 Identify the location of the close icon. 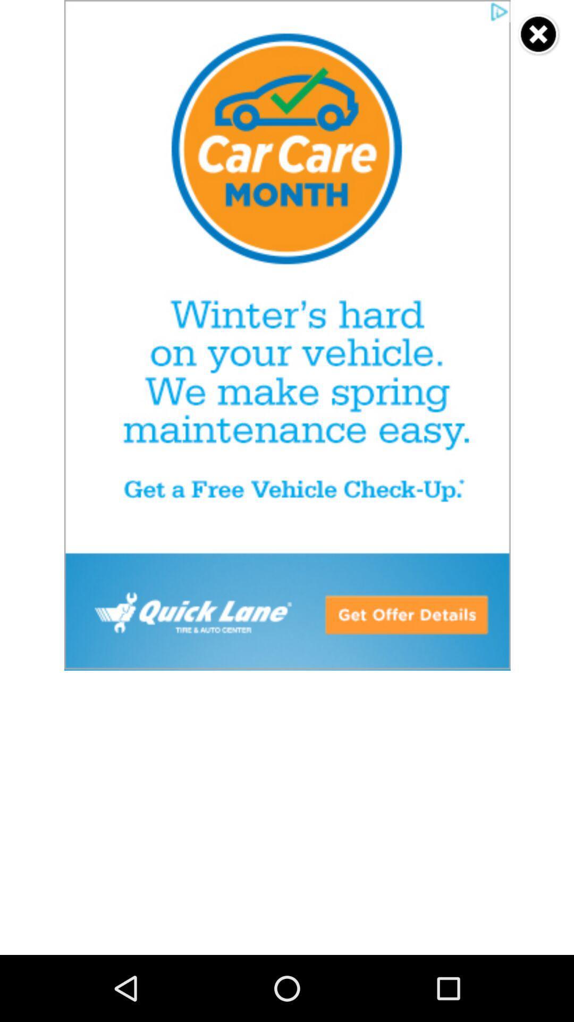
(539, 37).